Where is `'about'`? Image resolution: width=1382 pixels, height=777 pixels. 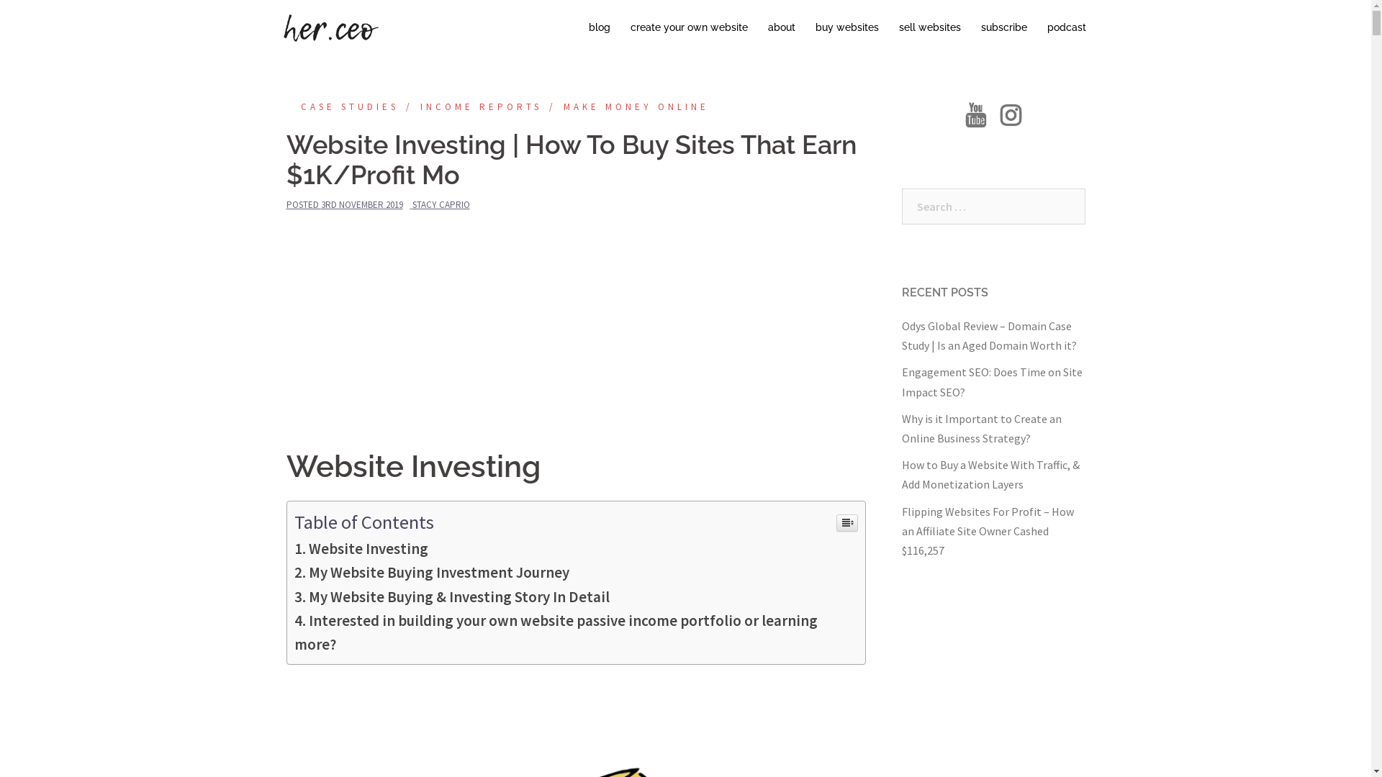 'about' is located at coordinates (780, 27).